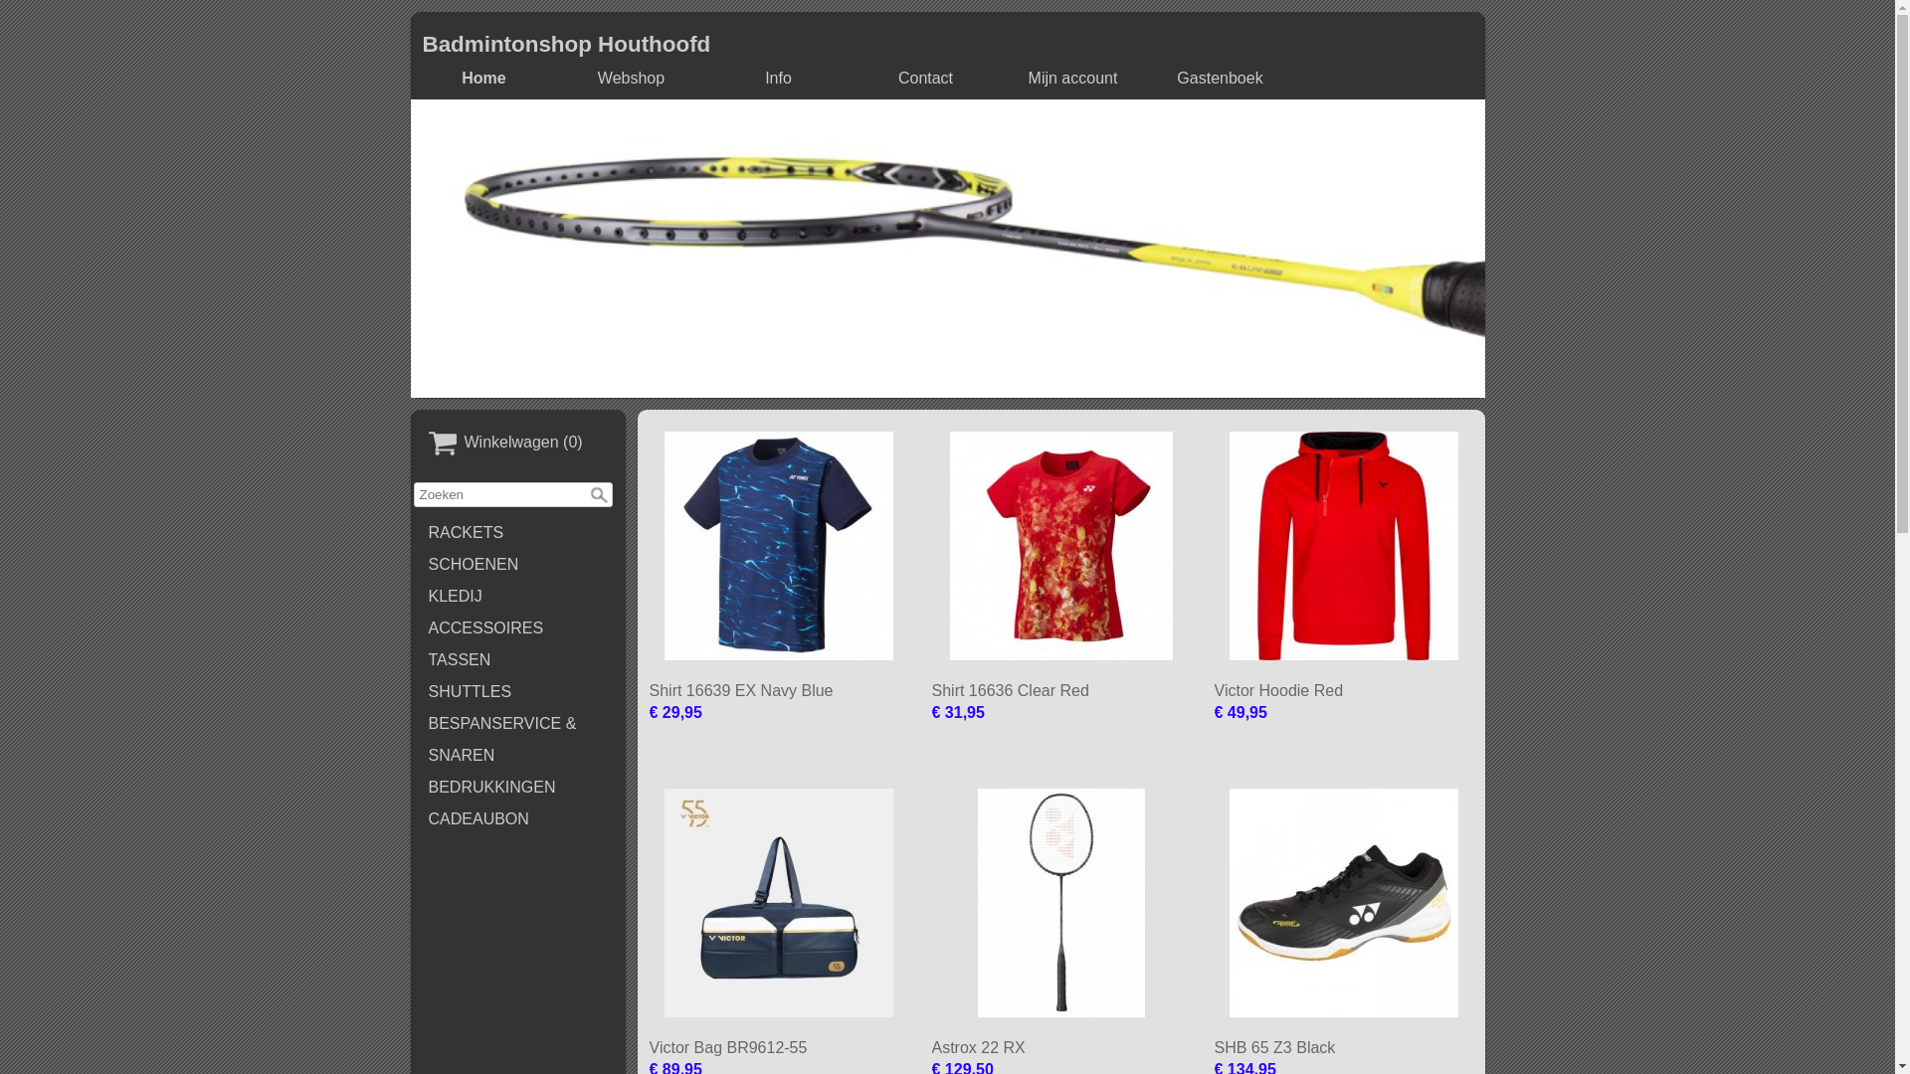 This screenshot has height=1074, width=1910. I want to click on 'RACKETS', so click(518, 532).